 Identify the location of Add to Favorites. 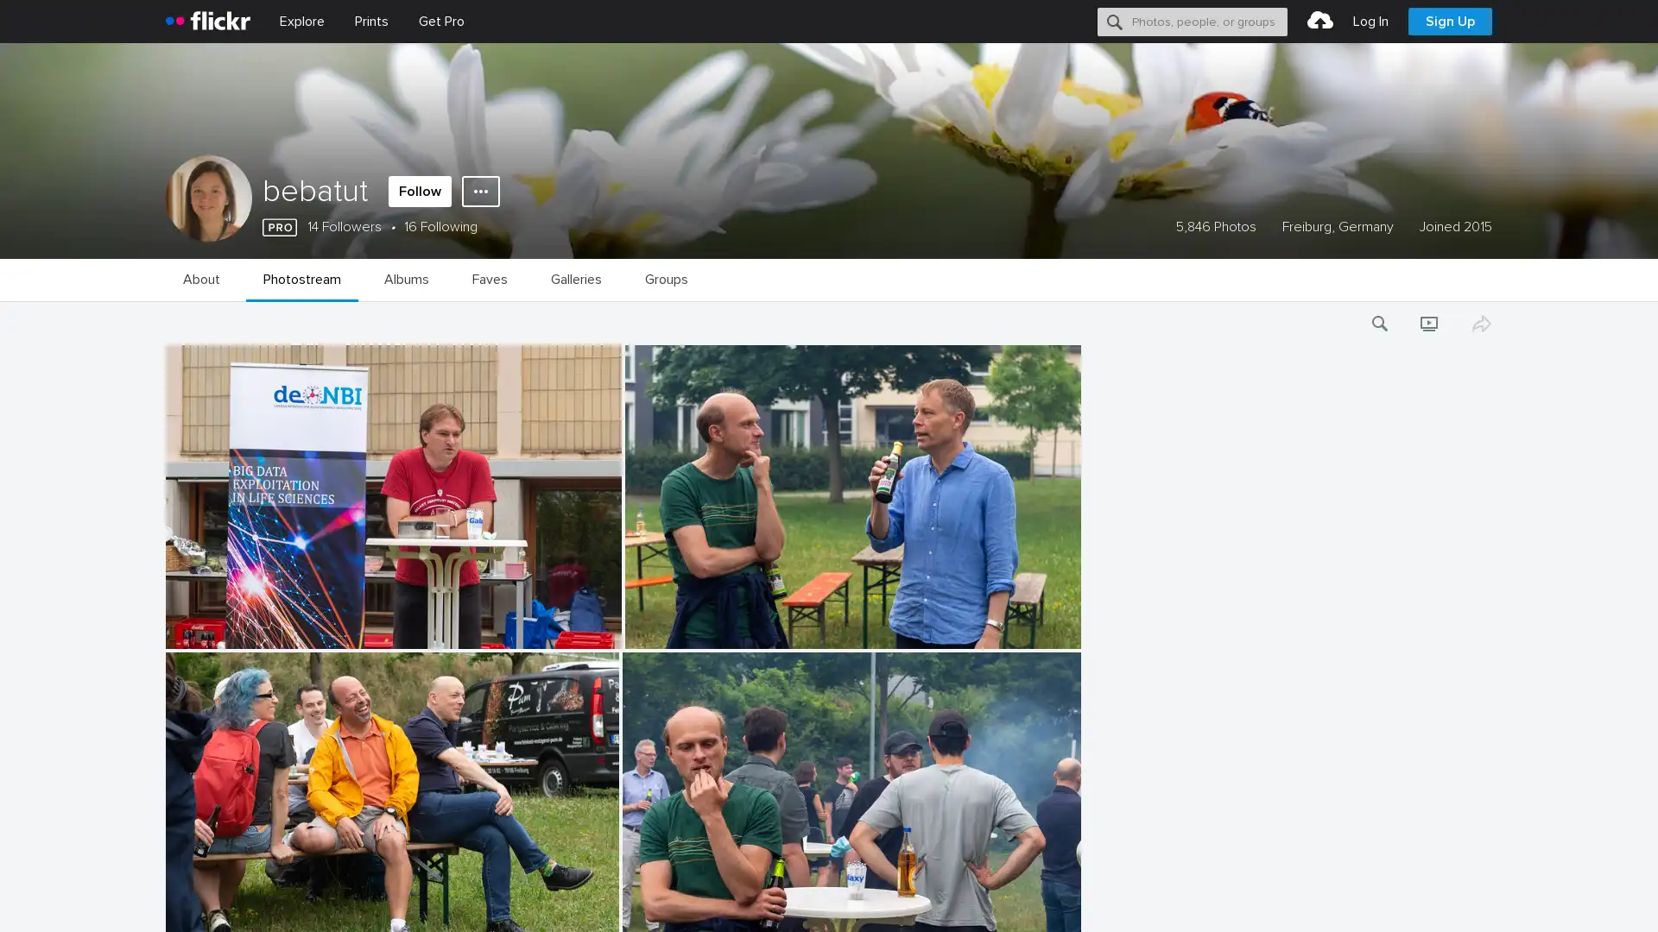
(1007, 921).